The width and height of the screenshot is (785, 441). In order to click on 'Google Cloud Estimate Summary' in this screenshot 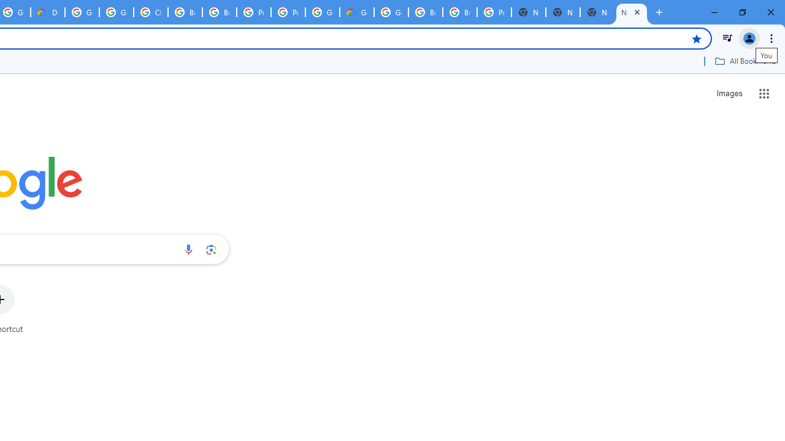, I will do `click(356, 12)`.